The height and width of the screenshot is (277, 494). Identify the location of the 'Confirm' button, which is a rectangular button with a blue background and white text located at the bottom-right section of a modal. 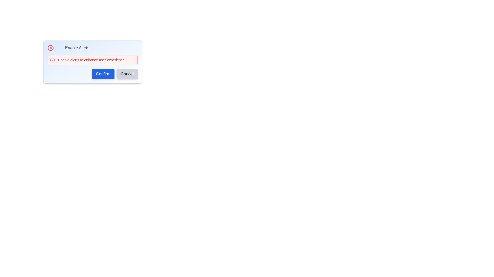
(103, 74).